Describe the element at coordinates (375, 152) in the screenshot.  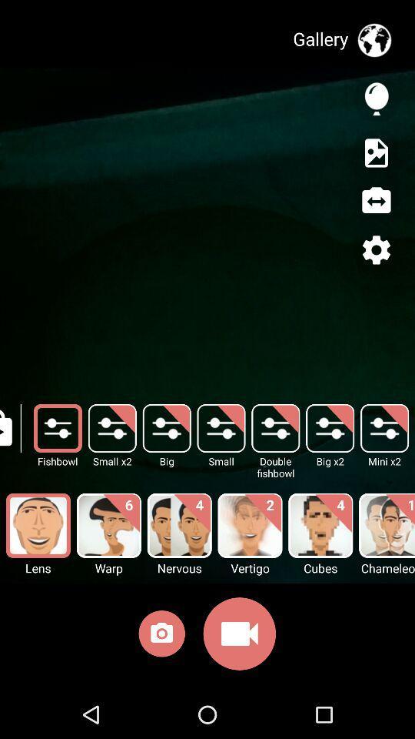
I see `the wallpaper icon` at that location.